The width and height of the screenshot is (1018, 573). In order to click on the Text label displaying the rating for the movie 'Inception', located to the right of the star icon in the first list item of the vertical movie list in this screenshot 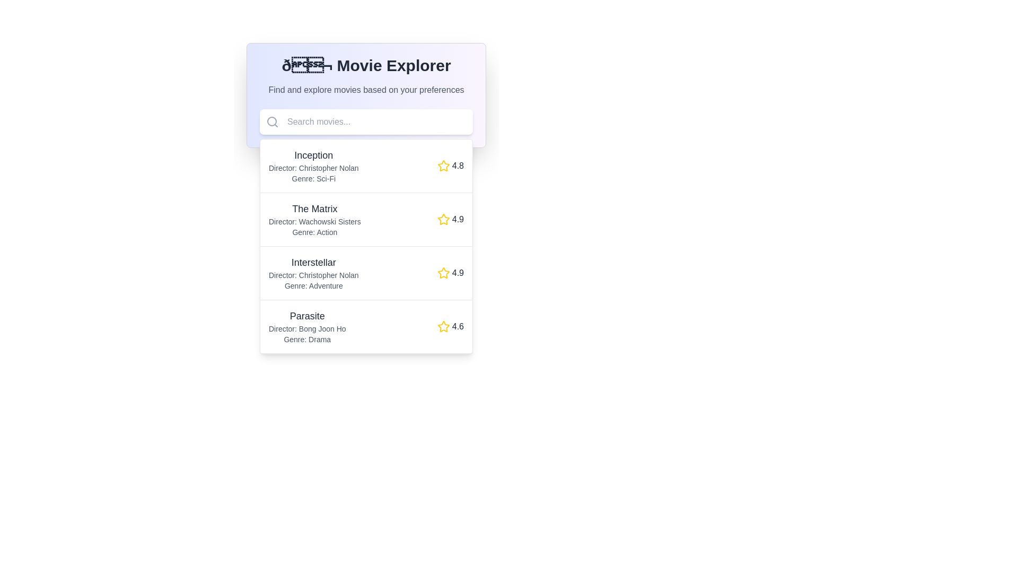, I will do `click(458, 166)`.